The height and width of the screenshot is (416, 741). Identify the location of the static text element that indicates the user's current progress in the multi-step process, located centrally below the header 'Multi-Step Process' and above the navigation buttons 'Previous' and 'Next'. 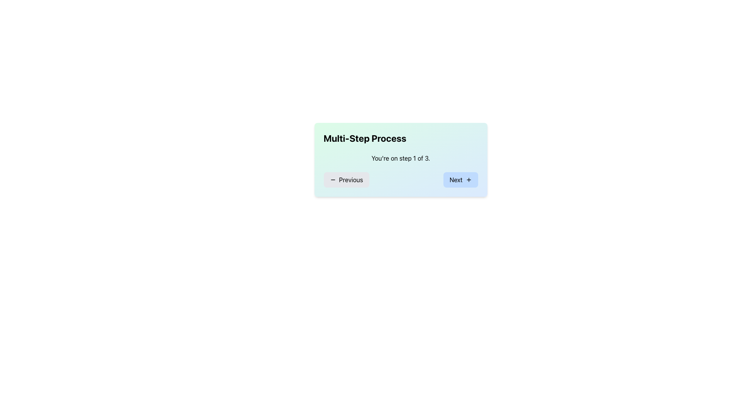
(401, 158).